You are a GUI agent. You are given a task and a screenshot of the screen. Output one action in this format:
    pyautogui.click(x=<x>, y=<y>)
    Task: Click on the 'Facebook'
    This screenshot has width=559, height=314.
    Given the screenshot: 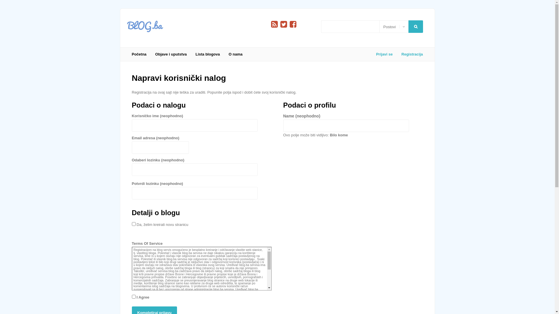 What is the action you would take?
    pyautogui.click(x=293, y=24)
    